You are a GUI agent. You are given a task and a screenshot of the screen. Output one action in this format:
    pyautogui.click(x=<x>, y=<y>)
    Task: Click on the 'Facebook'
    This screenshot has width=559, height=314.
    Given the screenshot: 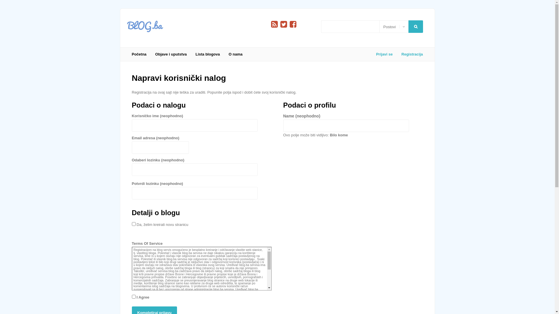 What is the action you would take?
    pyautogui.click(x=293, y=24)
    